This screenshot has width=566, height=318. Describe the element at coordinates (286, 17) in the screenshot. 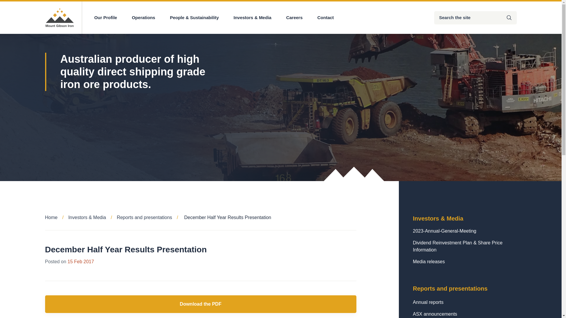

I see `'Careers'` at that location.